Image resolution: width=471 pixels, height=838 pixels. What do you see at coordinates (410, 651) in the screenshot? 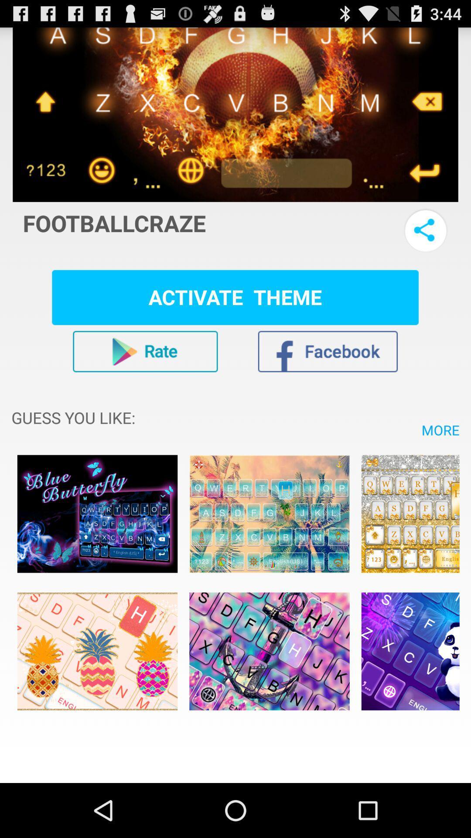
I see `change to a different theme` at bounding box center [410, 651].